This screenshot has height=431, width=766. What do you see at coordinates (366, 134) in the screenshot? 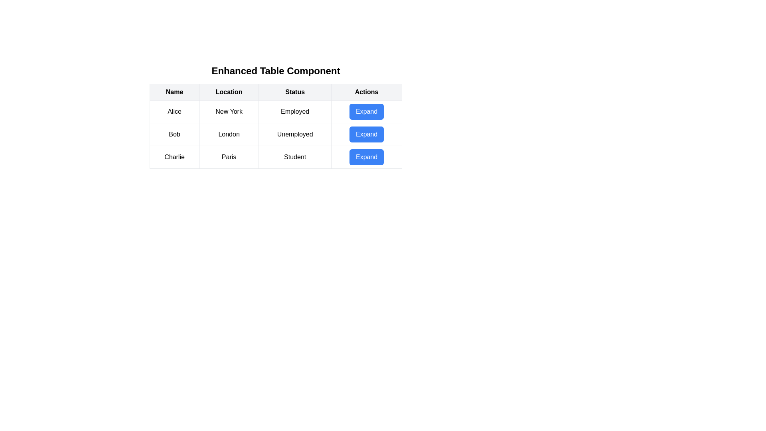
I see `the blue button labeled 'Expand' located in the third column of the second row under the 'Actions' header, next to the row containing 'Bob' and 'Unemployed' to observe a style change` at bounding box center [366, 134].